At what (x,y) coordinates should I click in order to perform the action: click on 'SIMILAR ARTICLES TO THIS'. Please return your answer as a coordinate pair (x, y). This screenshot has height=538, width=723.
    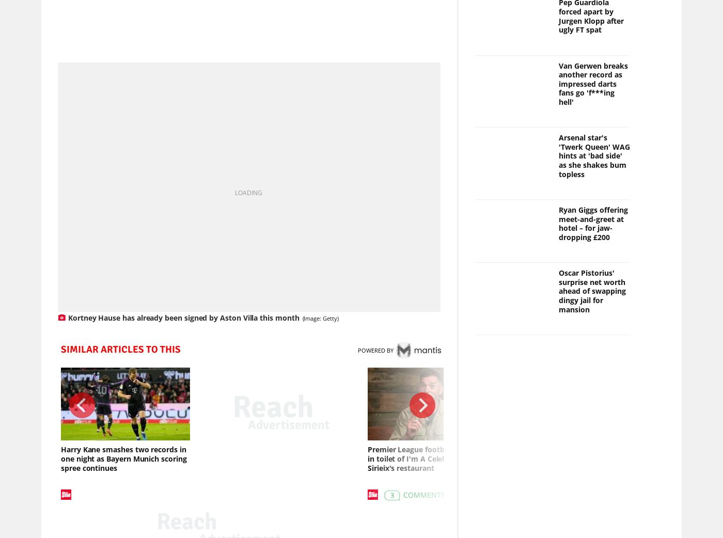
    Looking at the image, I should click on (61, 351).